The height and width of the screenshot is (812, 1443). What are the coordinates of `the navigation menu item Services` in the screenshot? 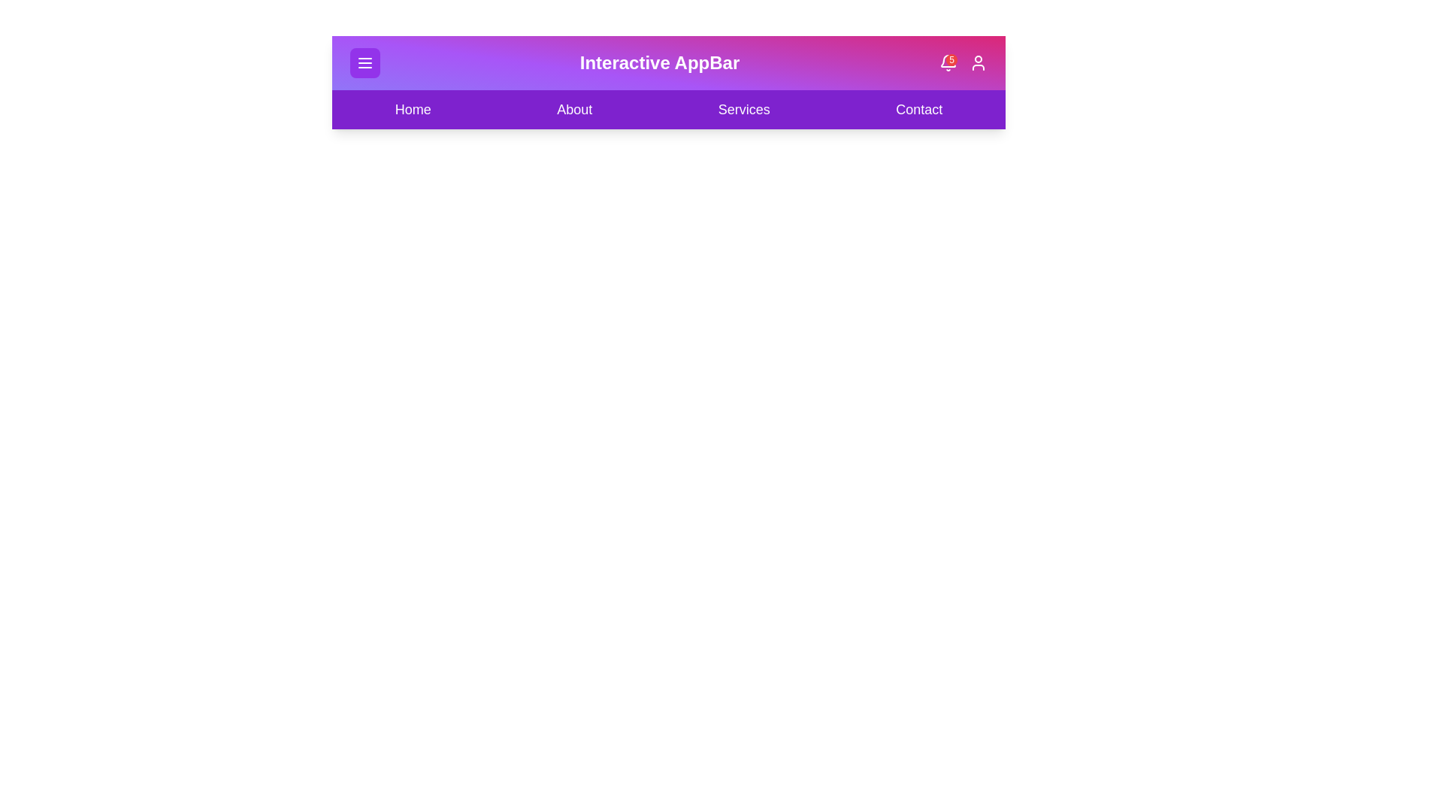 It's located at (744, 109).